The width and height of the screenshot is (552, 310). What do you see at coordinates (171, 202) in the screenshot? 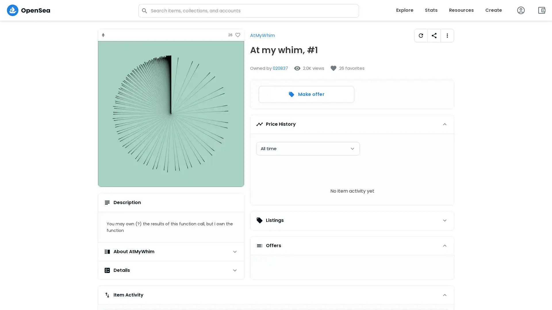
I see `Description` at bounding box center [171, 202].